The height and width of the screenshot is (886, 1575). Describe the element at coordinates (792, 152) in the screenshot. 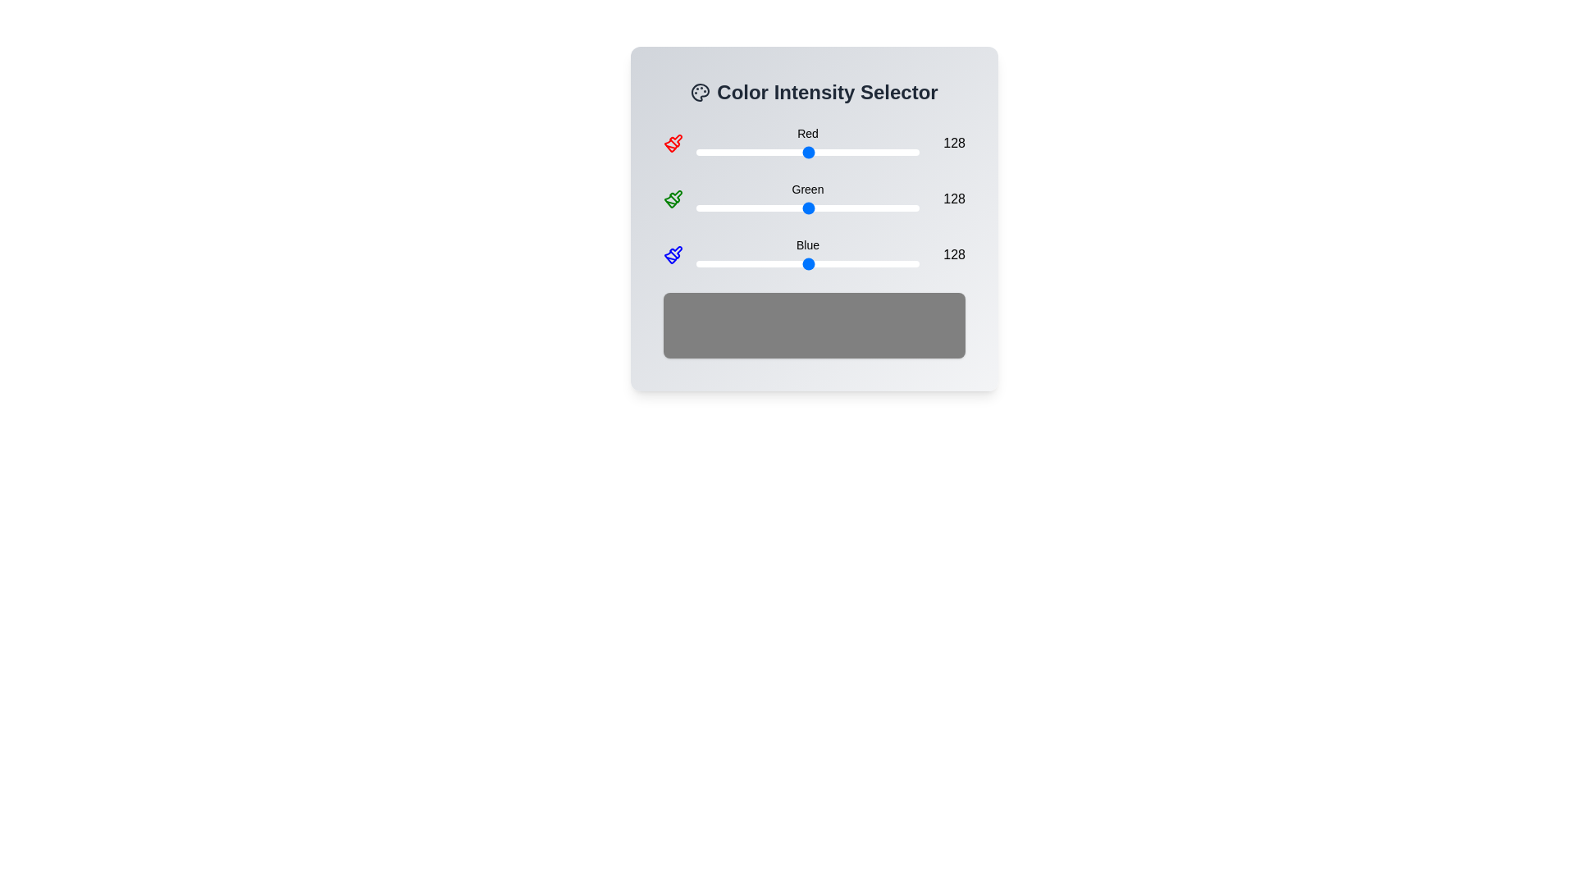

I see `the red color intensity` at that location.